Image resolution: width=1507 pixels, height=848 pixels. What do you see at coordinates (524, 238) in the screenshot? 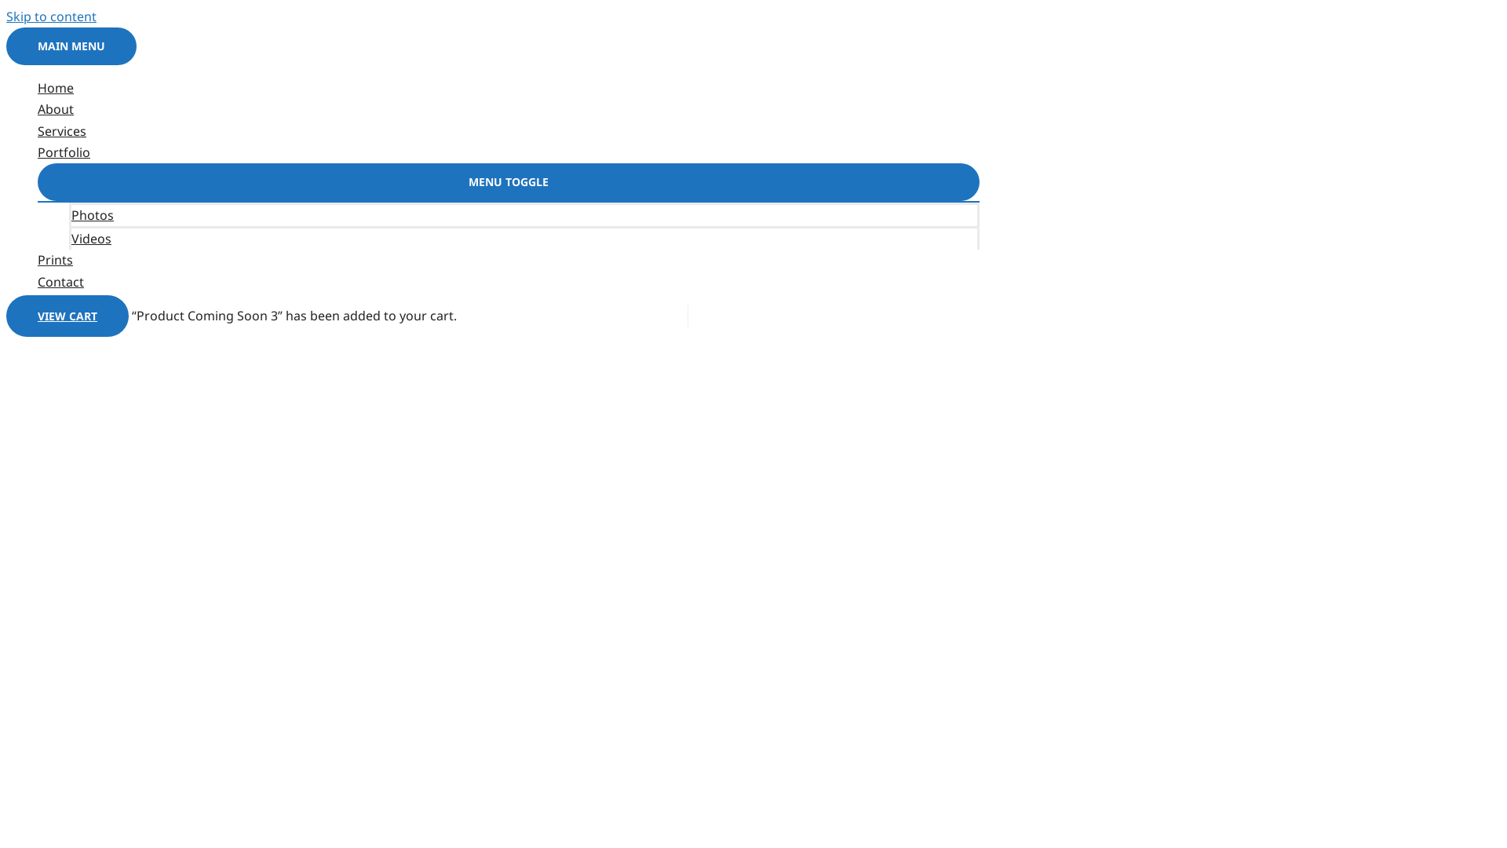
I see `'Videos'` at bounding box center [524, 238].